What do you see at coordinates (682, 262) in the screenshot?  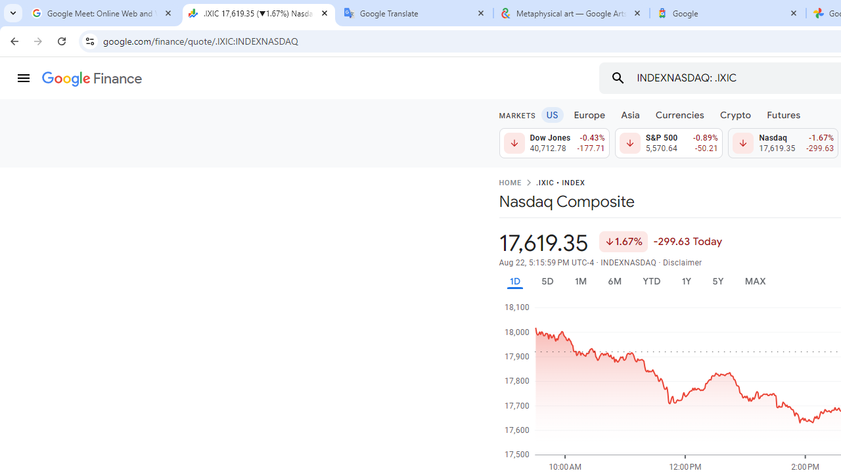 I see `'Disclaimer'` at bounding box center [682, 262].